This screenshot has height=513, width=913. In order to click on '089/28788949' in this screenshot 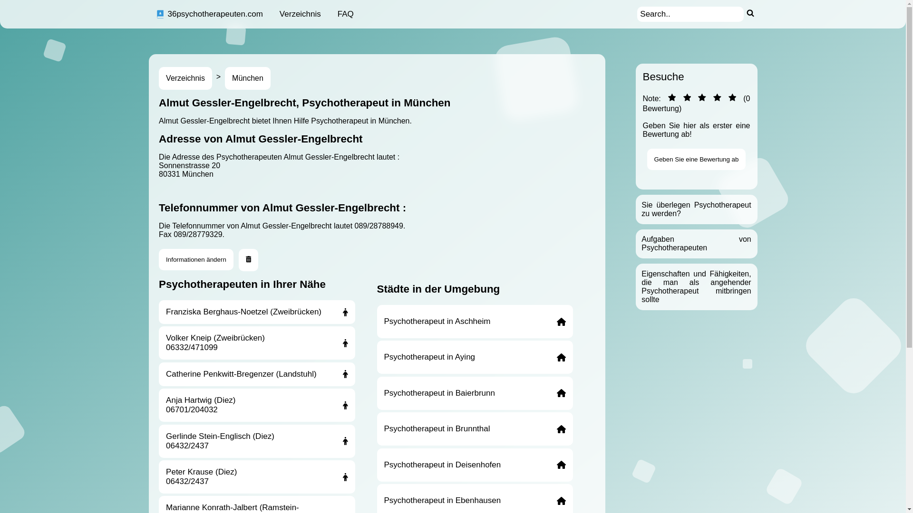, I will do `click(378, 226)`.